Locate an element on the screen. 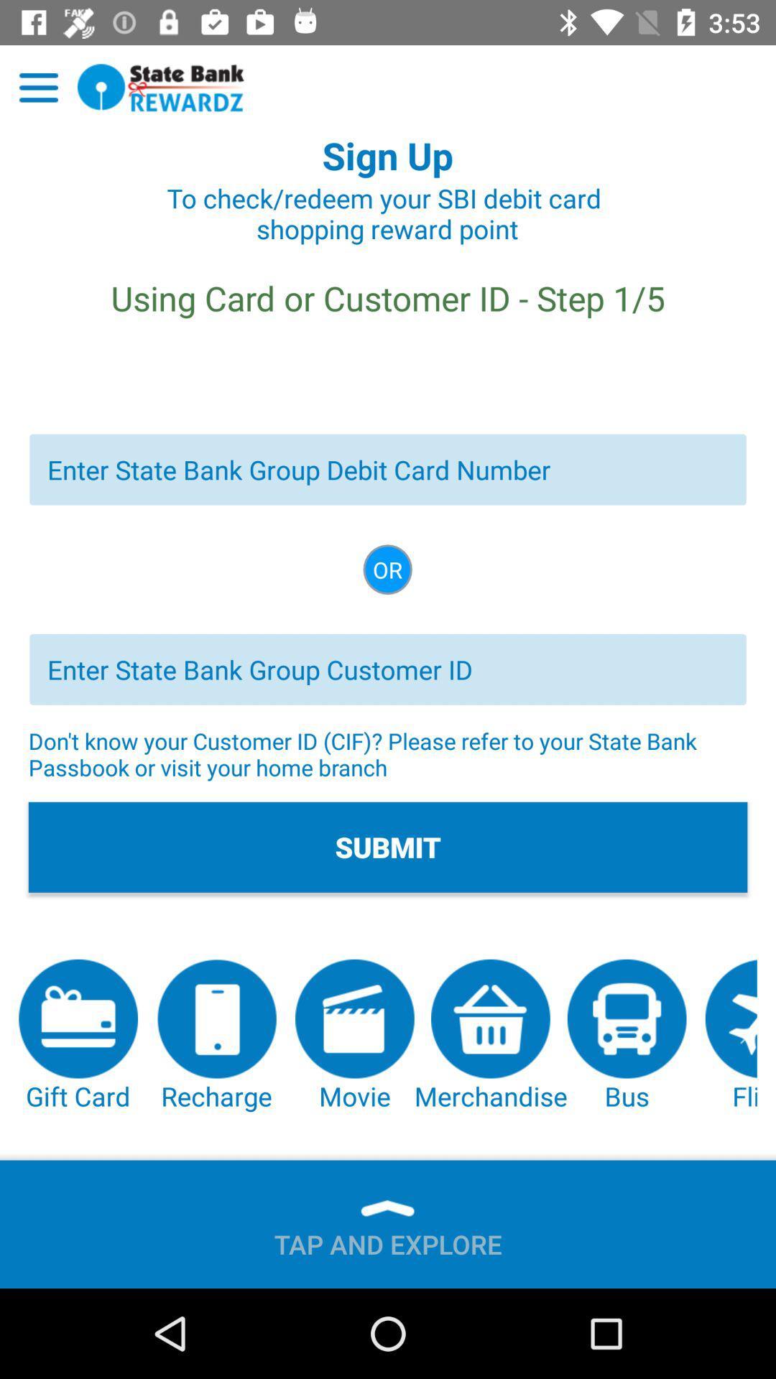 This screenshot has width=776, height=1379. button below the submit item is located at coordinates (490, 1036).